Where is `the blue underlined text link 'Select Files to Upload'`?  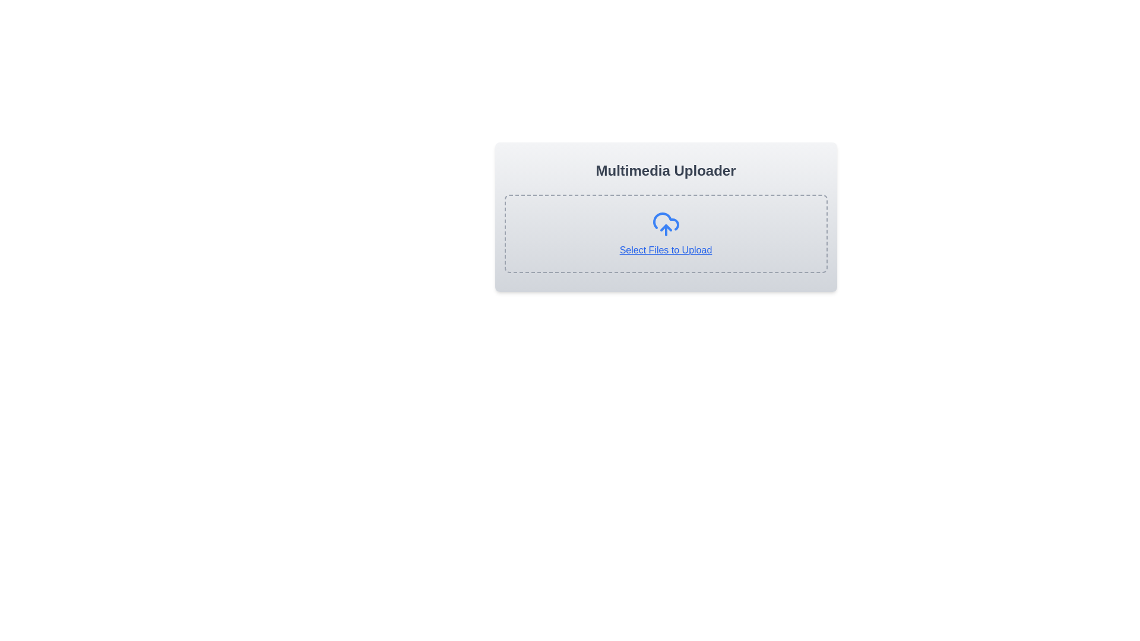
the blue underlined text link 'Select Files to Upload' is located at coordinates (666, 249).